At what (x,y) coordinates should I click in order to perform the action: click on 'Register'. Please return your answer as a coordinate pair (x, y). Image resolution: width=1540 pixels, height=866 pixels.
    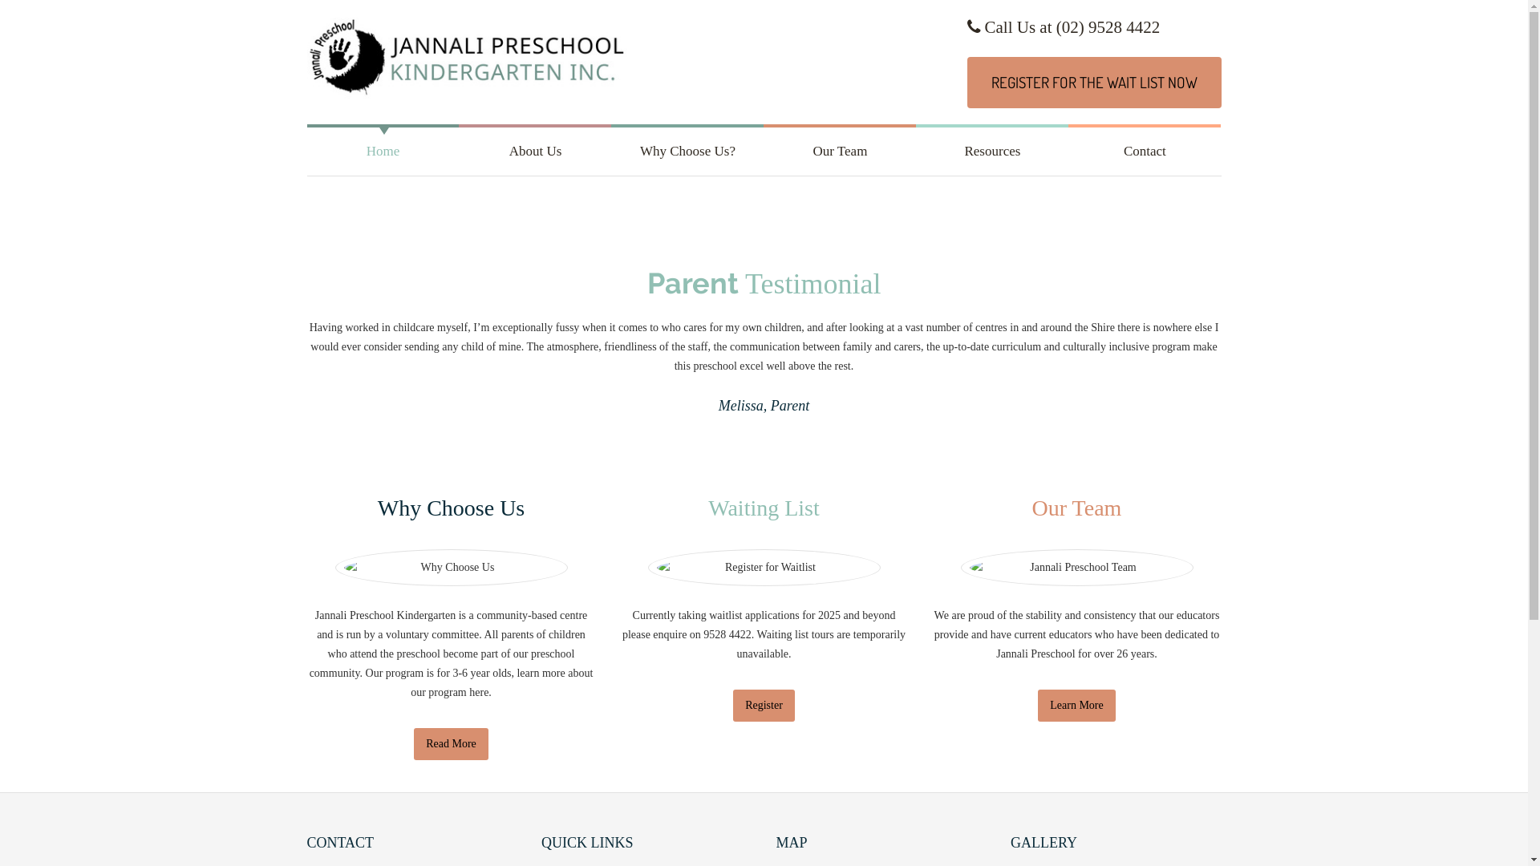
    Looking at the image, I should click on (763, 704).